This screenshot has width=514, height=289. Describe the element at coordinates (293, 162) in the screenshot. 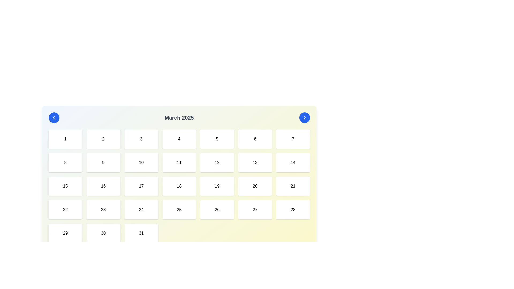

I see `the calendar button representing the 14th day of March 2025` at that location.